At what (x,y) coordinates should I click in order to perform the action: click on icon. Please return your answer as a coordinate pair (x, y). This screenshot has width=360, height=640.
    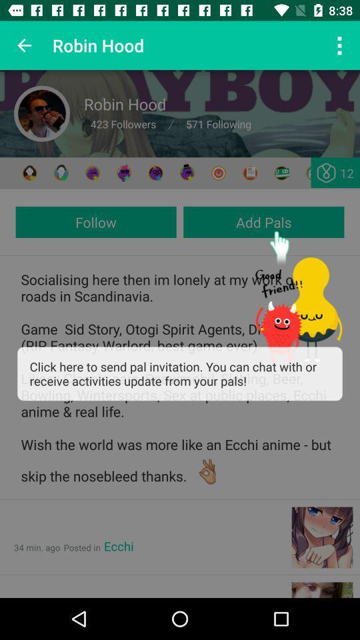
    Looking at the image, I should click on (92, 172).